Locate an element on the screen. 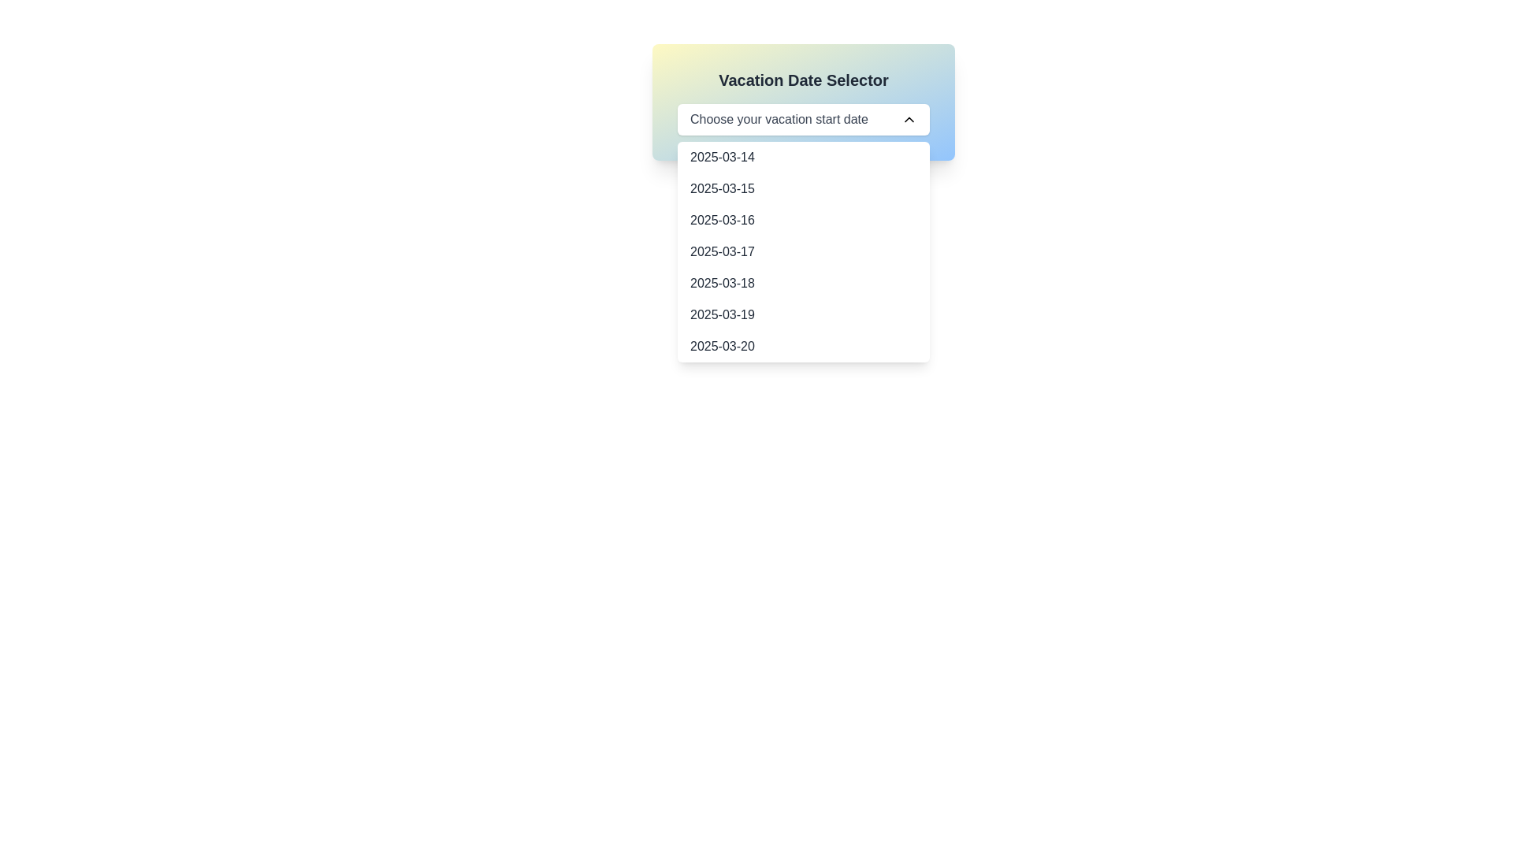 The height and width of the screenshot is (851, 1513). the first item in the dropdown menu that represents the date '2025-03-14' is located at coordinates (721, 158).